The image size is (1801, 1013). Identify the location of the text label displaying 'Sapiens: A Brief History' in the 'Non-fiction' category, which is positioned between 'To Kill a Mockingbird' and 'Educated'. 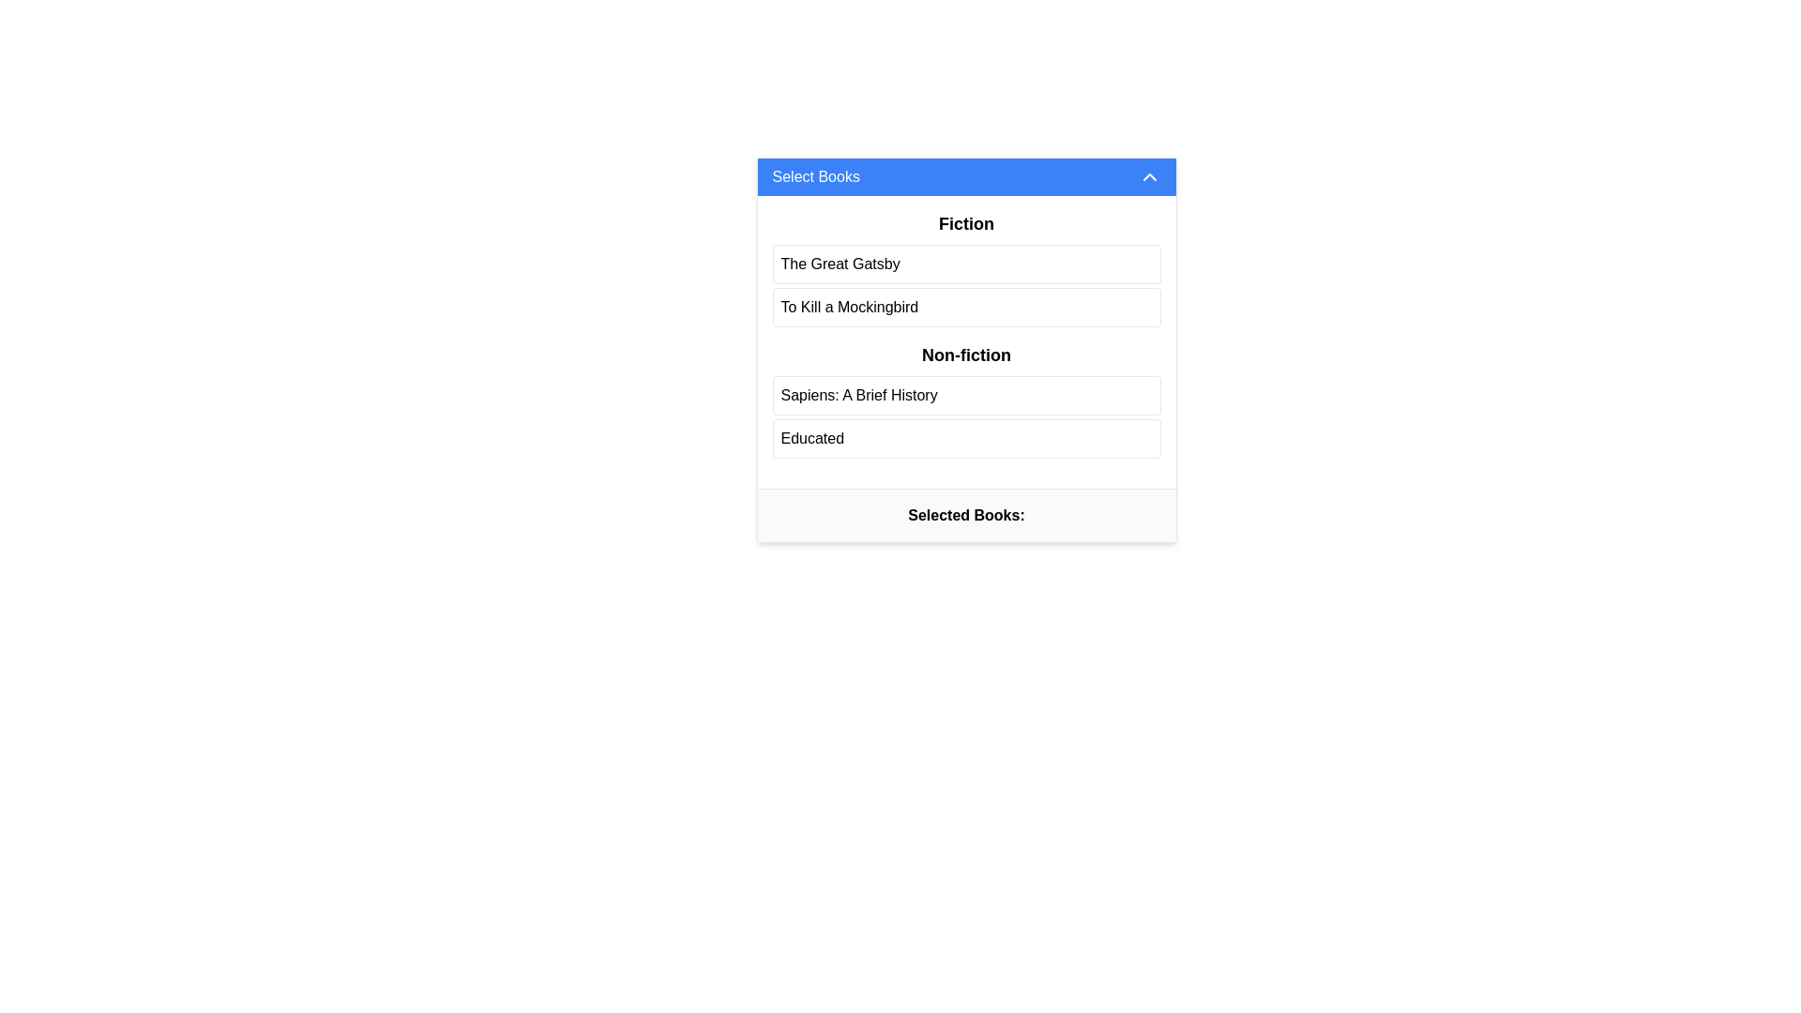
(858, 394).